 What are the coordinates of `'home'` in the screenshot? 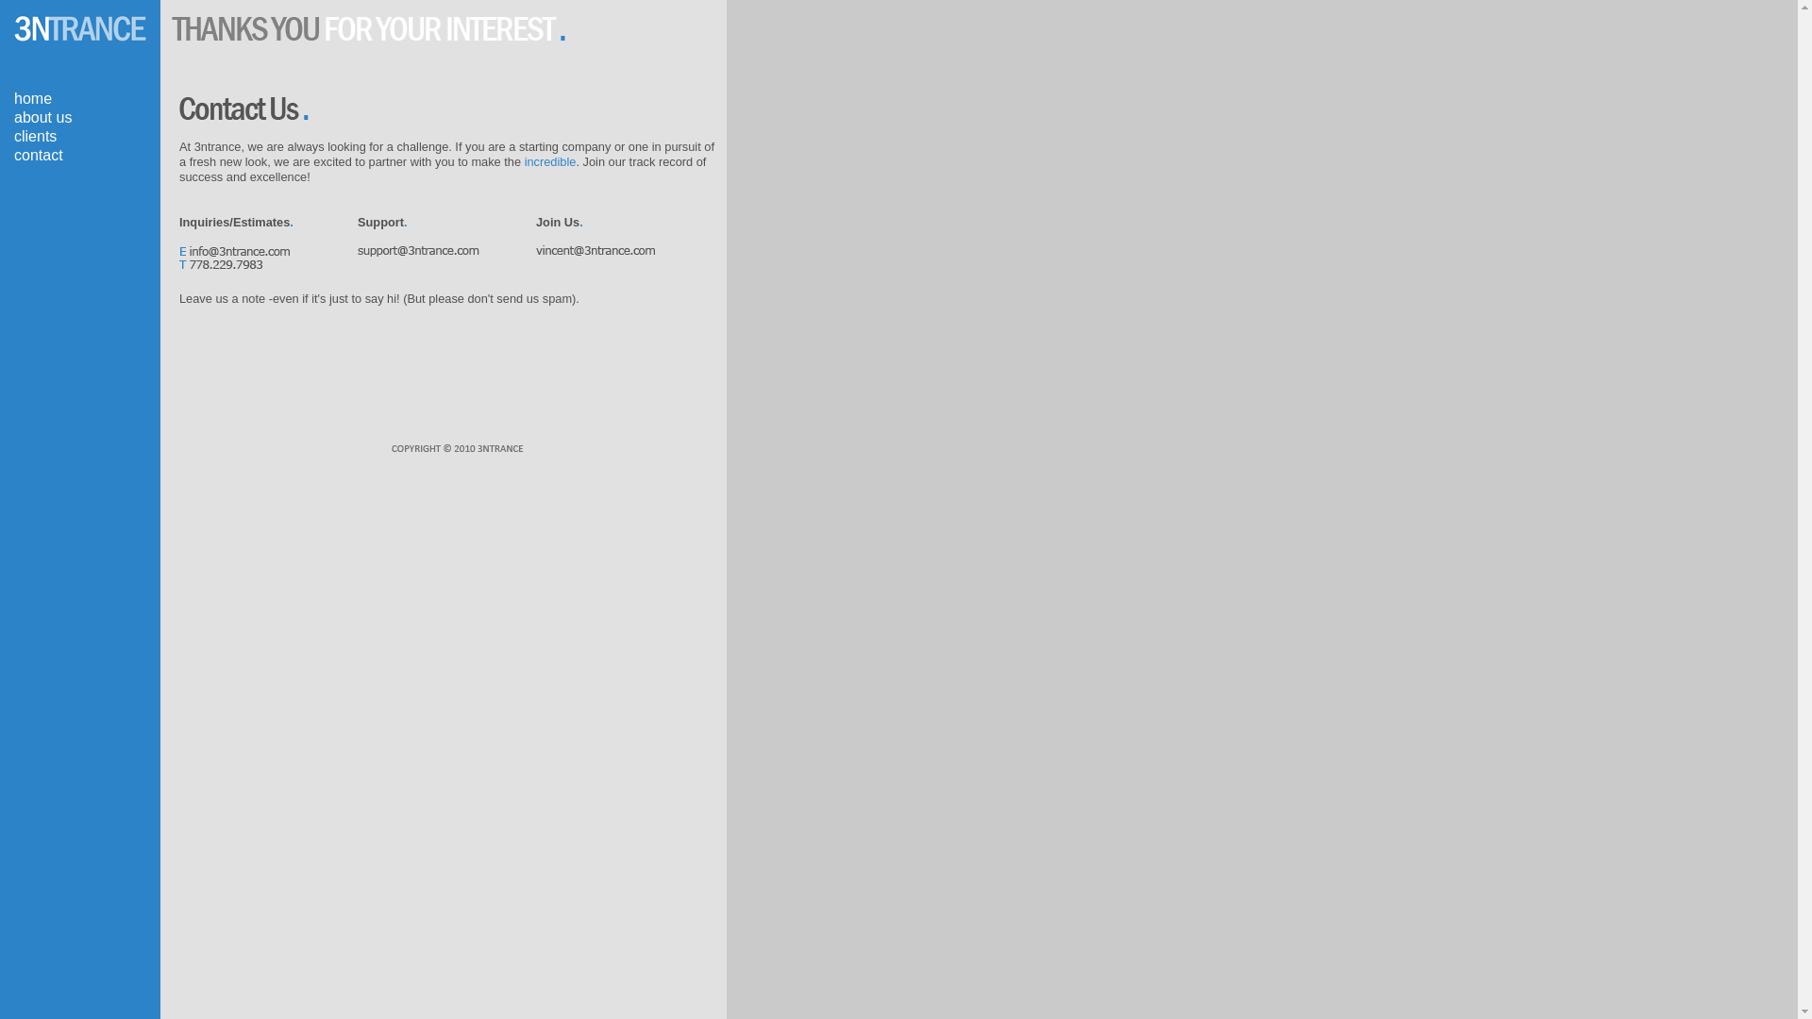 It's located at (13, 98).